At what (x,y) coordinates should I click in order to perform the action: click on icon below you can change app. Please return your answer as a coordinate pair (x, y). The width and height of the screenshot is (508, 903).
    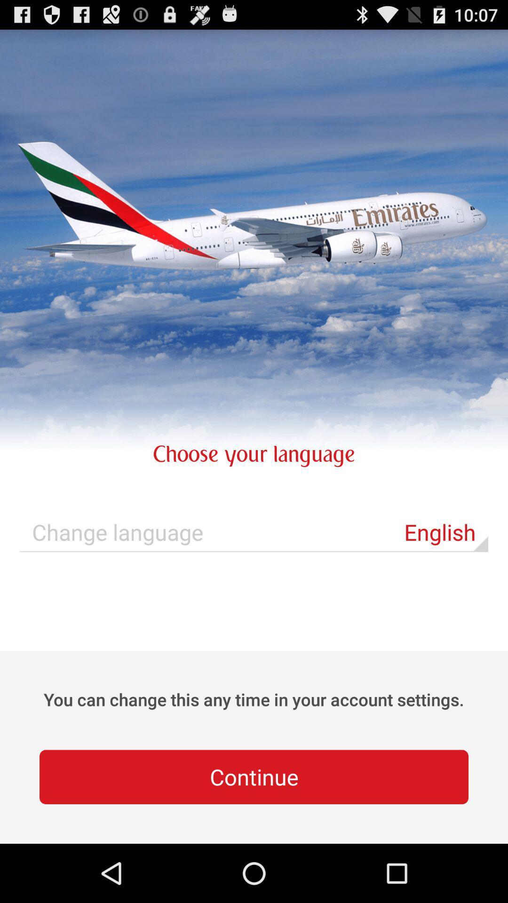
    Looking at the image, I should click on (254, 777).